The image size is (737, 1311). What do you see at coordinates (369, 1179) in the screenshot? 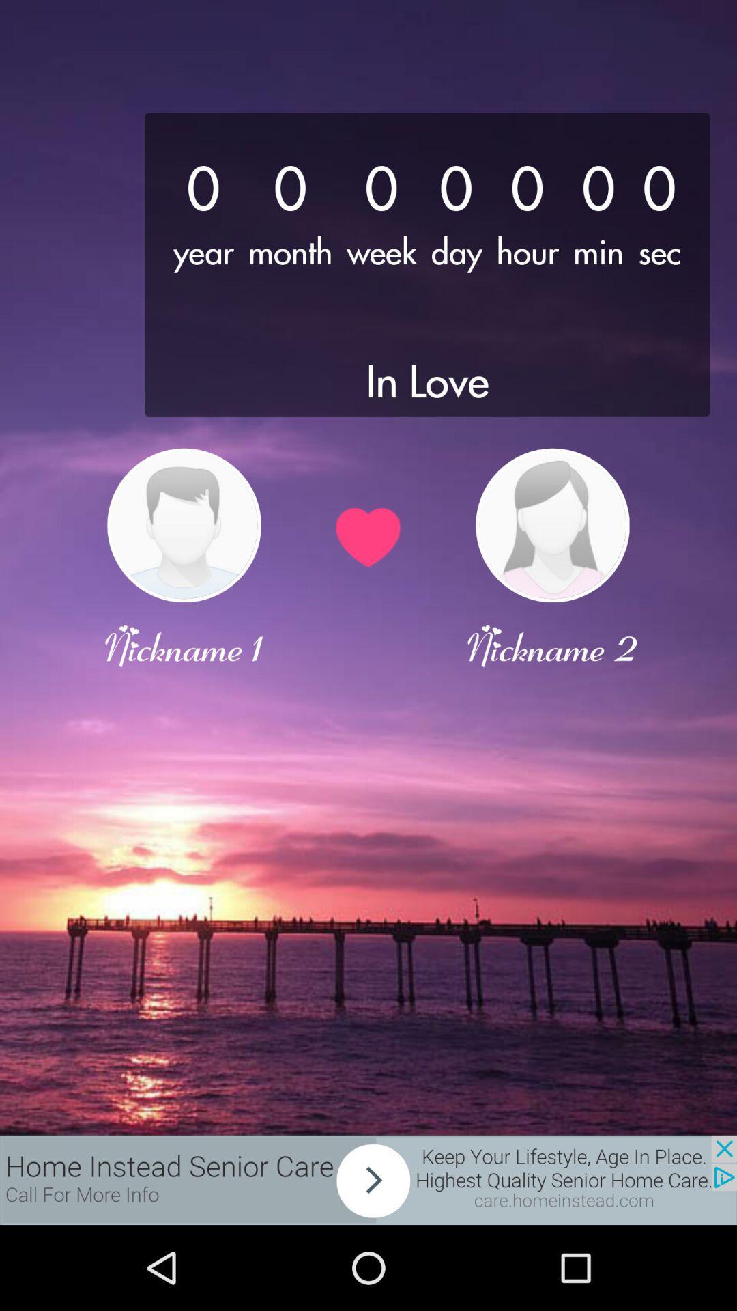
I see `advertisement page` at bounding box center [369, 1179].